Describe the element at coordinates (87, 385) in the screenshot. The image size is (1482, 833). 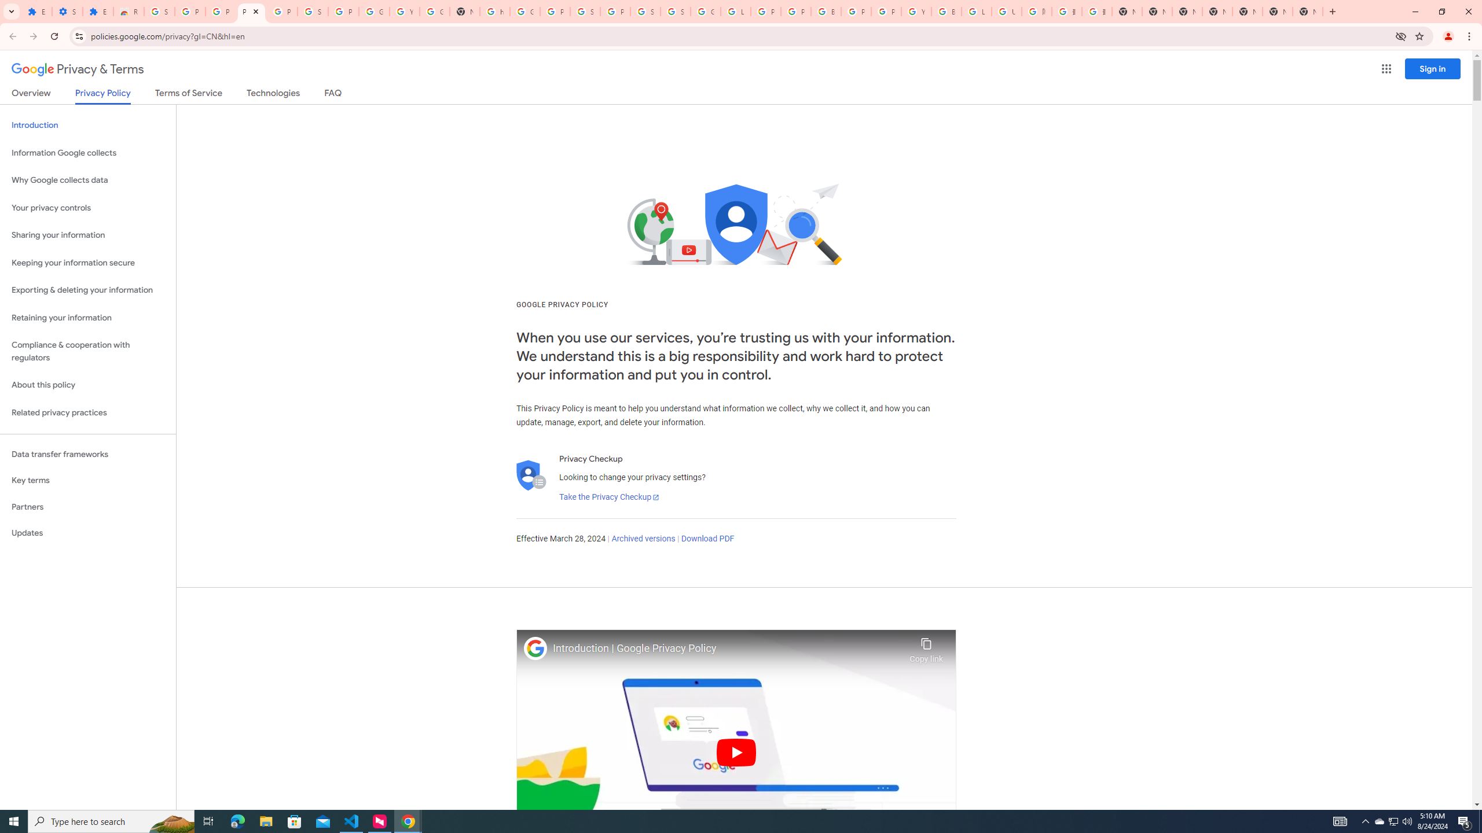
I see `'About this policy'` at that location.